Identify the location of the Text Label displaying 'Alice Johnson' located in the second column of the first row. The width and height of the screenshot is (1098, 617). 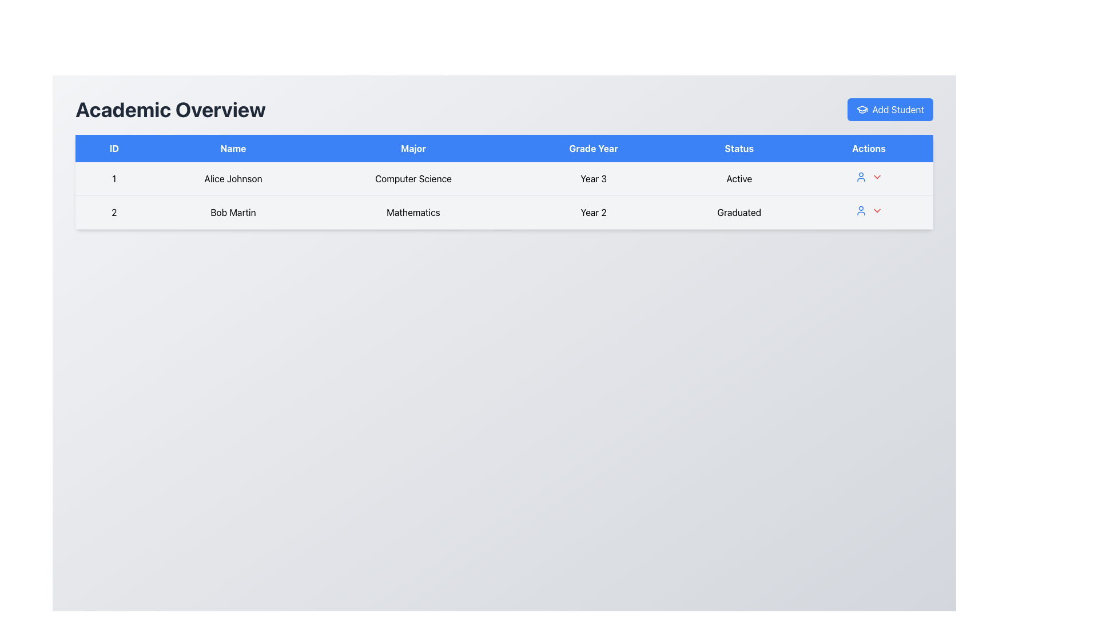
(233, 179).